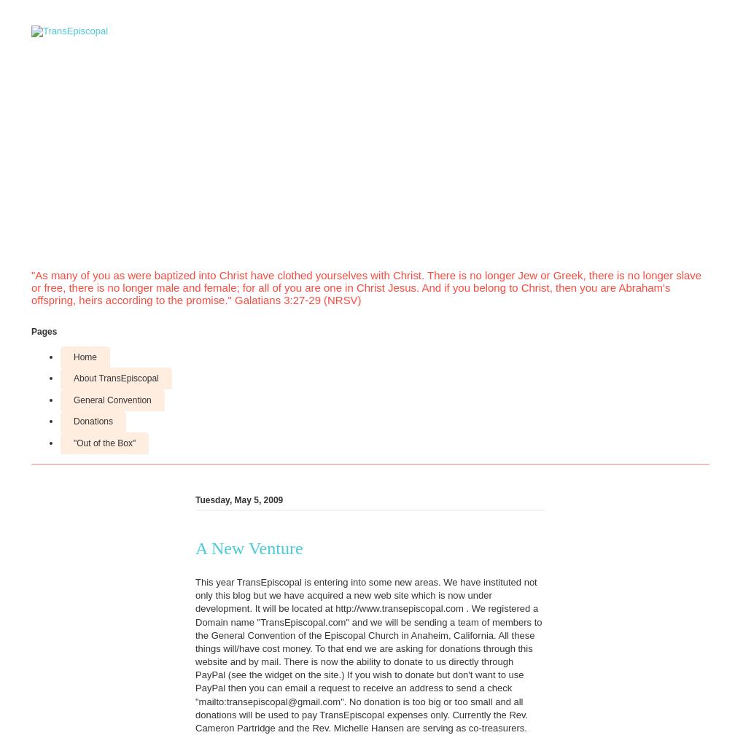 This screenshot has height=746, width=735. What do you see at coordinates (104, 442) in the screenshot?
I see `'"Out of the Box"'` at bounding box center [104, 442].